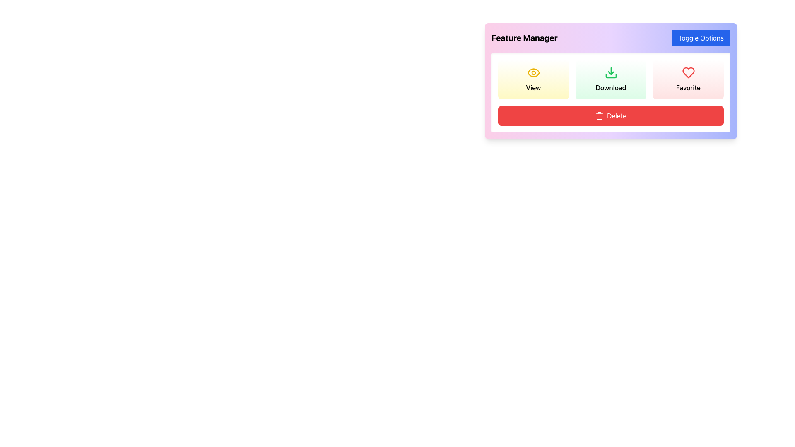 The height and width of the screenshot is (447, 795). Describe the element at coordinates (688, 88) in the screenshot. I see `the text label reading 'Favorite' located beneath a heart icon in the rightmost button of a horizontal row of buttons` at that location.